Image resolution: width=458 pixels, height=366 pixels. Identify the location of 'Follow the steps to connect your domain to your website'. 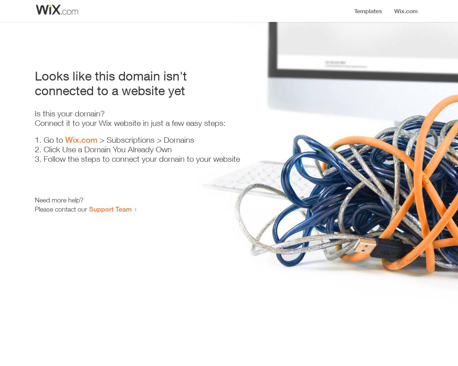
(142, 159).